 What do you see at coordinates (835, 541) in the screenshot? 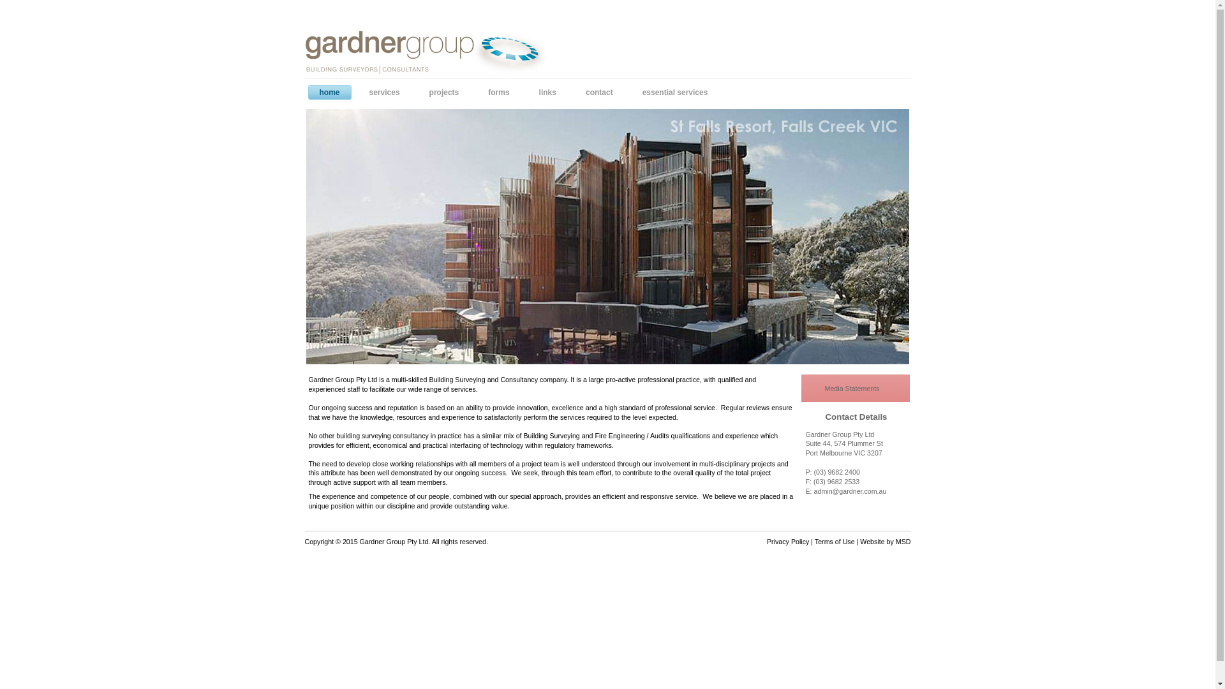
I see `'Terms of Use'` at bounding box center [835, 541].